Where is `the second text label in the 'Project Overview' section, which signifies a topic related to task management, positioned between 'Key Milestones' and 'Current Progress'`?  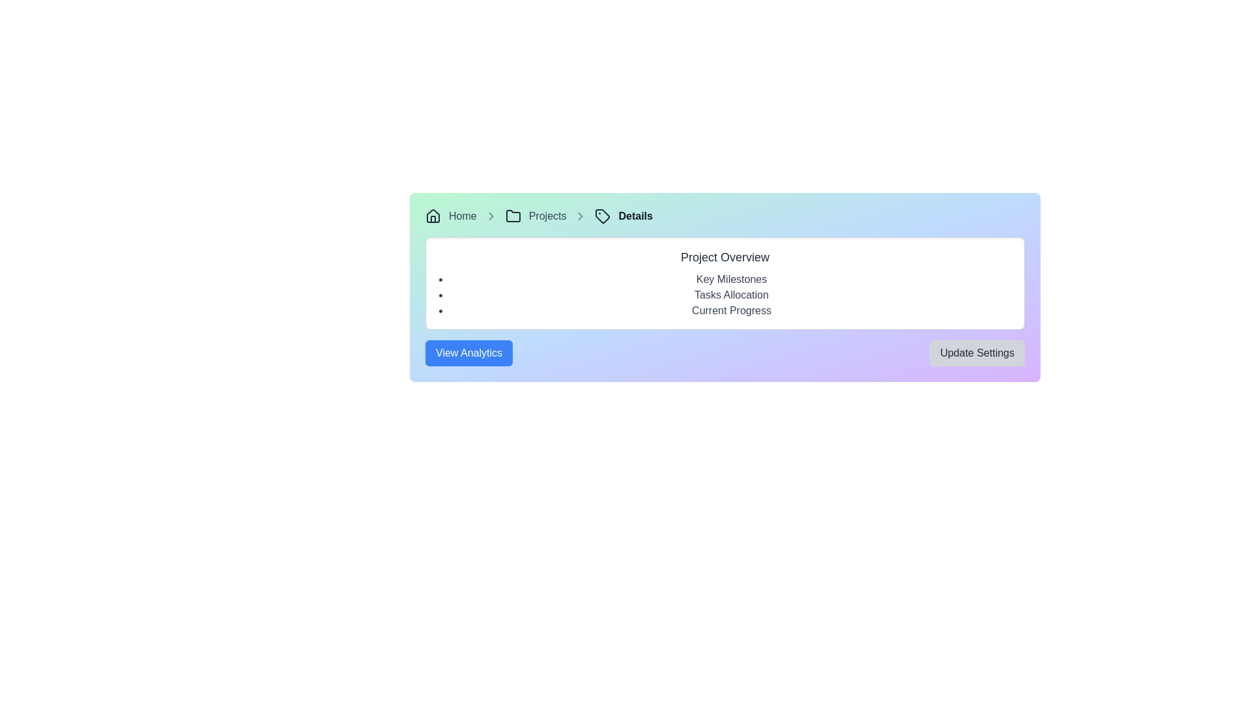
the second text label in the 'Project Overview' section, which signifies a topic related to task management, positioned between 'Key Milestones' and 'Current Progress' is located at coordinates (732, 295).